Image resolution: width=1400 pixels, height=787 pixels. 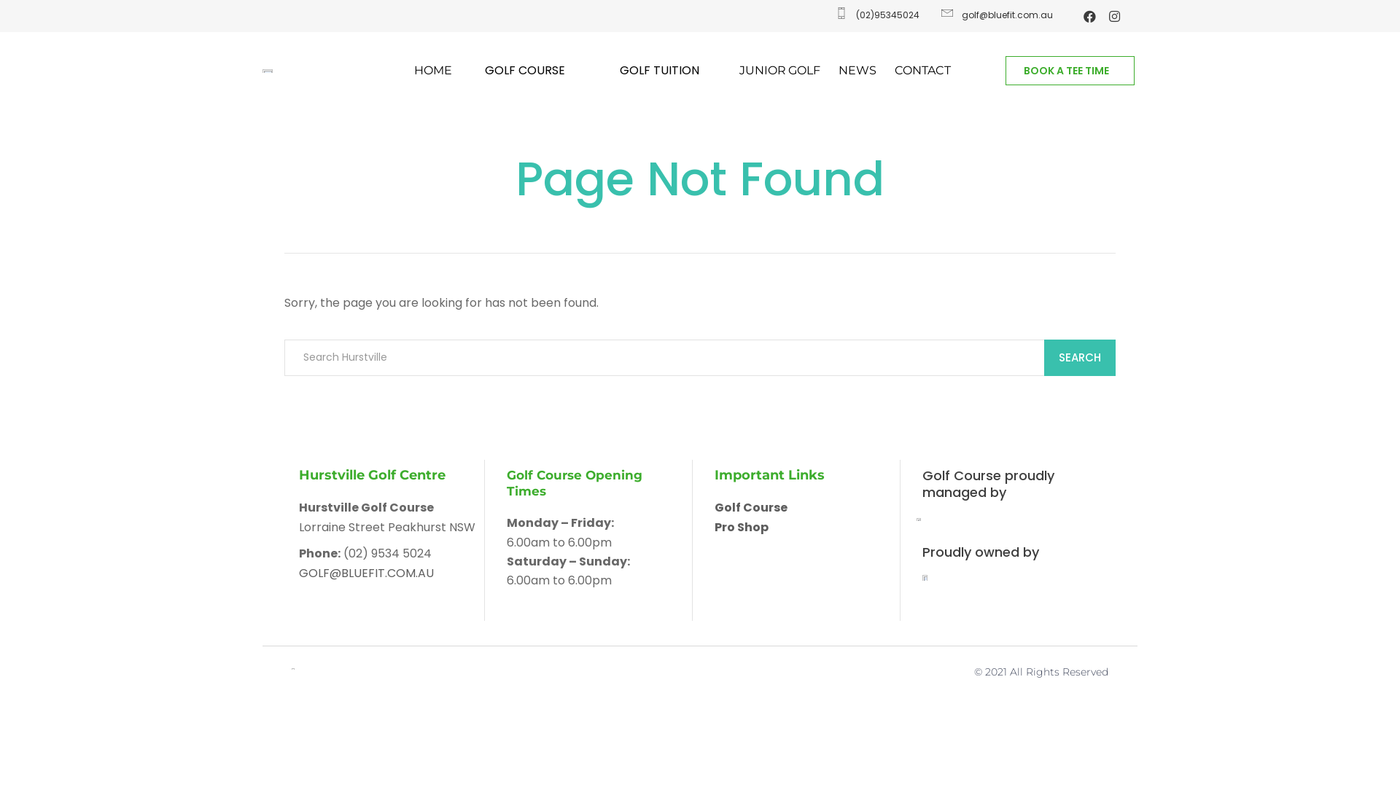 What do you see at coordinates (739, 70) in the screenshot?
I see `'JUNIOR GOLF'` at bounding box center [739, 70].